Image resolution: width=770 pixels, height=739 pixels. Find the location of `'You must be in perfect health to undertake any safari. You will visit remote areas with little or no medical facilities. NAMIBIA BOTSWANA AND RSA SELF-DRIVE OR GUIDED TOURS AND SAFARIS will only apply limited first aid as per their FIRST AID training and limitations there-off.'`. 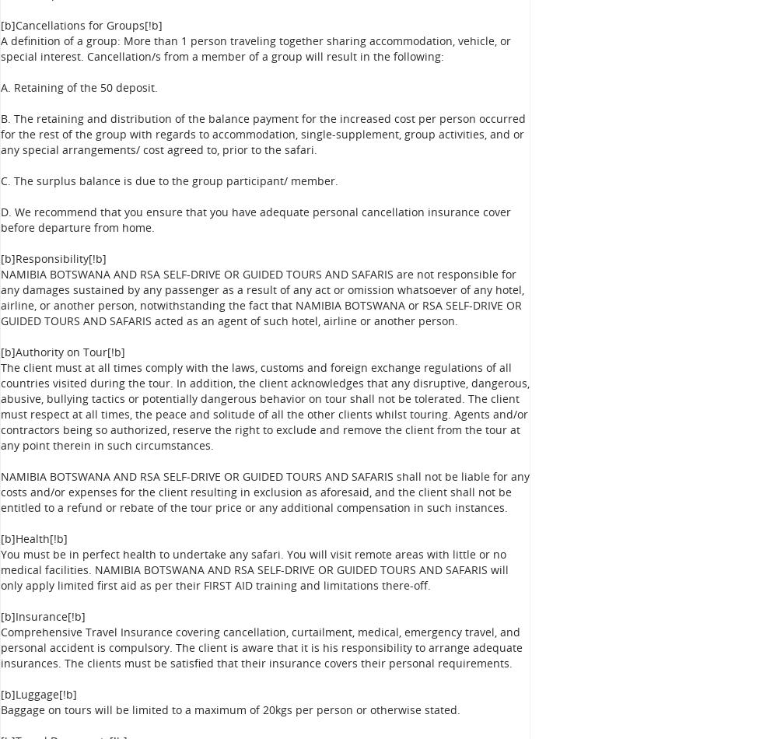

'You must be in perfect health to undertake any safari. You will visit remote areas with little or no medical facilities. NAMIBIA BOTSWANA AND RSA SELF-DRIVE OR GUIDED TOURS AND SAFARIS will only apply limited first aid as per their FIRST AID training and limitations there-off.' is located at coordinates (254, 569).